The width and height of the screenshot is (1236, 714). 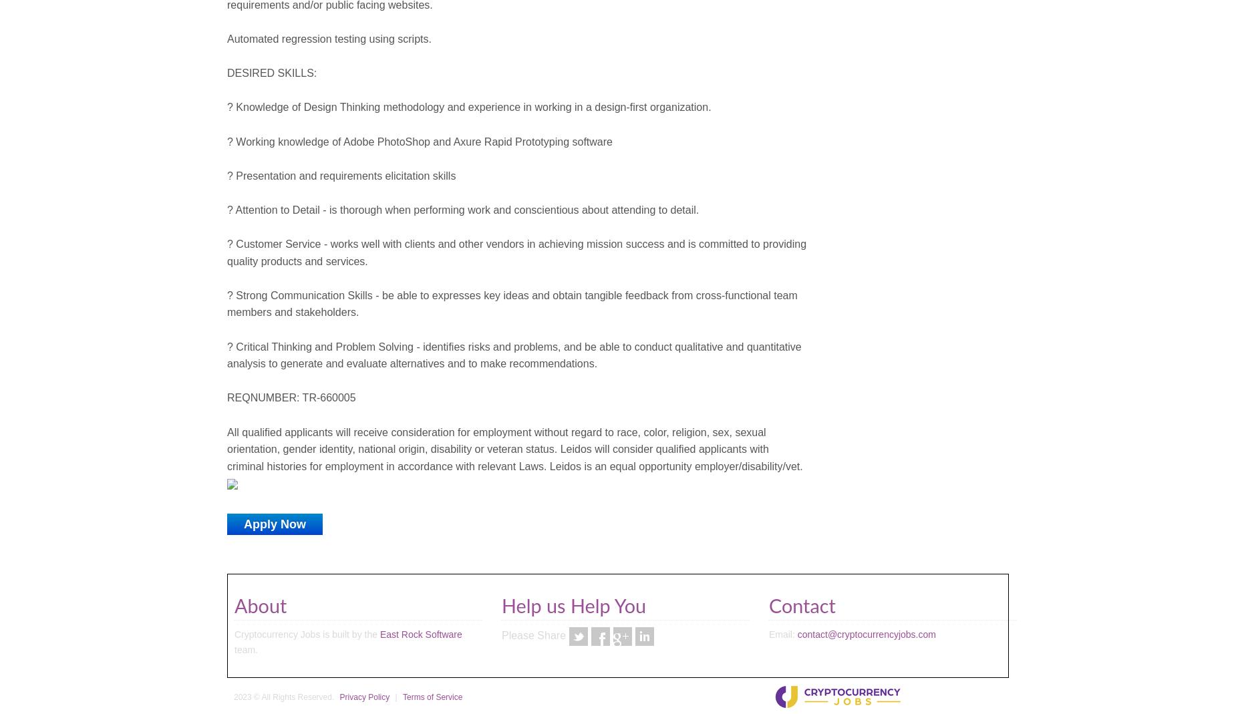 I want to click on 'Automated regression testing using scripts.', so click(x=226, y=37).